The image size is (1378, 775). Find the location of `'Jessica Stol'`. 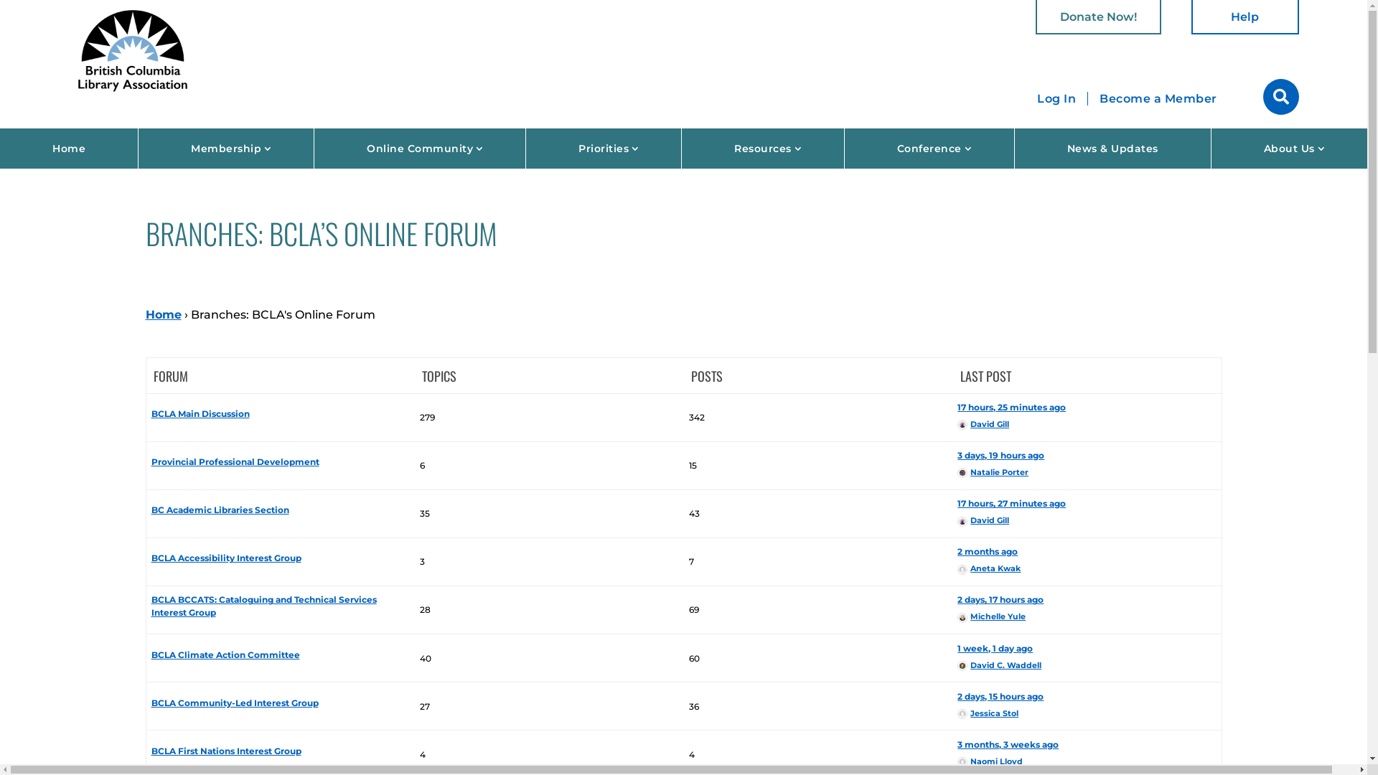

'Jessica Stol' is located at coordinates (987, 713).